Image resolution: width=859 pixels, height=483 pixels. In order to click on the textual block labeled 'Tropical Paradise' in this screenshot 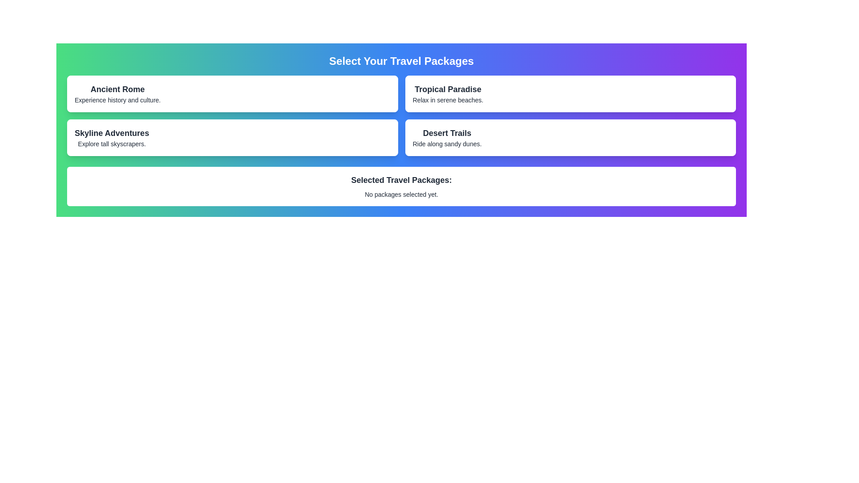, I will do `click(448, 93)`.